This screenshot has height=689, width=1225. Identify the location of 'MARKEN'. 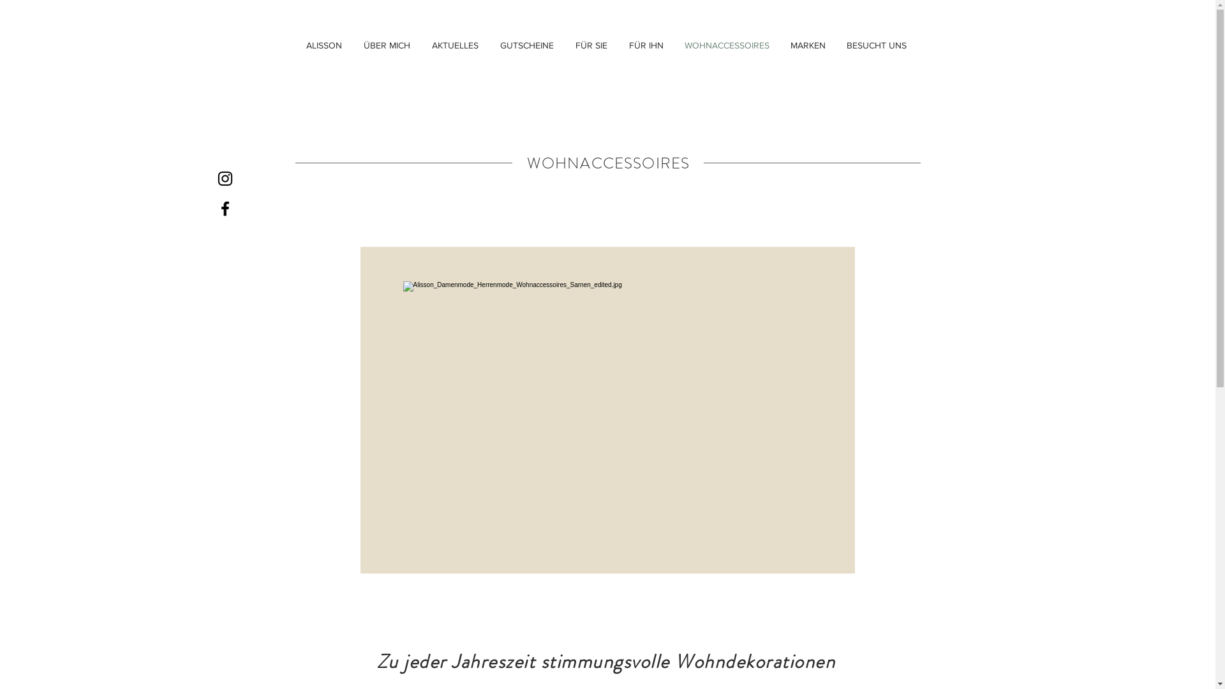
(807, 44).